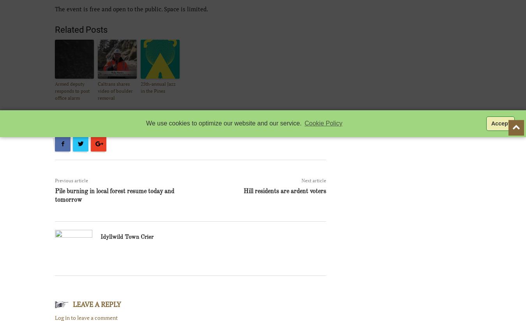  What do you see at coordinates (146, 123) in the screenshot?
I see `'We use cookies to optimize our website and our service.'` at bounding box center [146, 123].